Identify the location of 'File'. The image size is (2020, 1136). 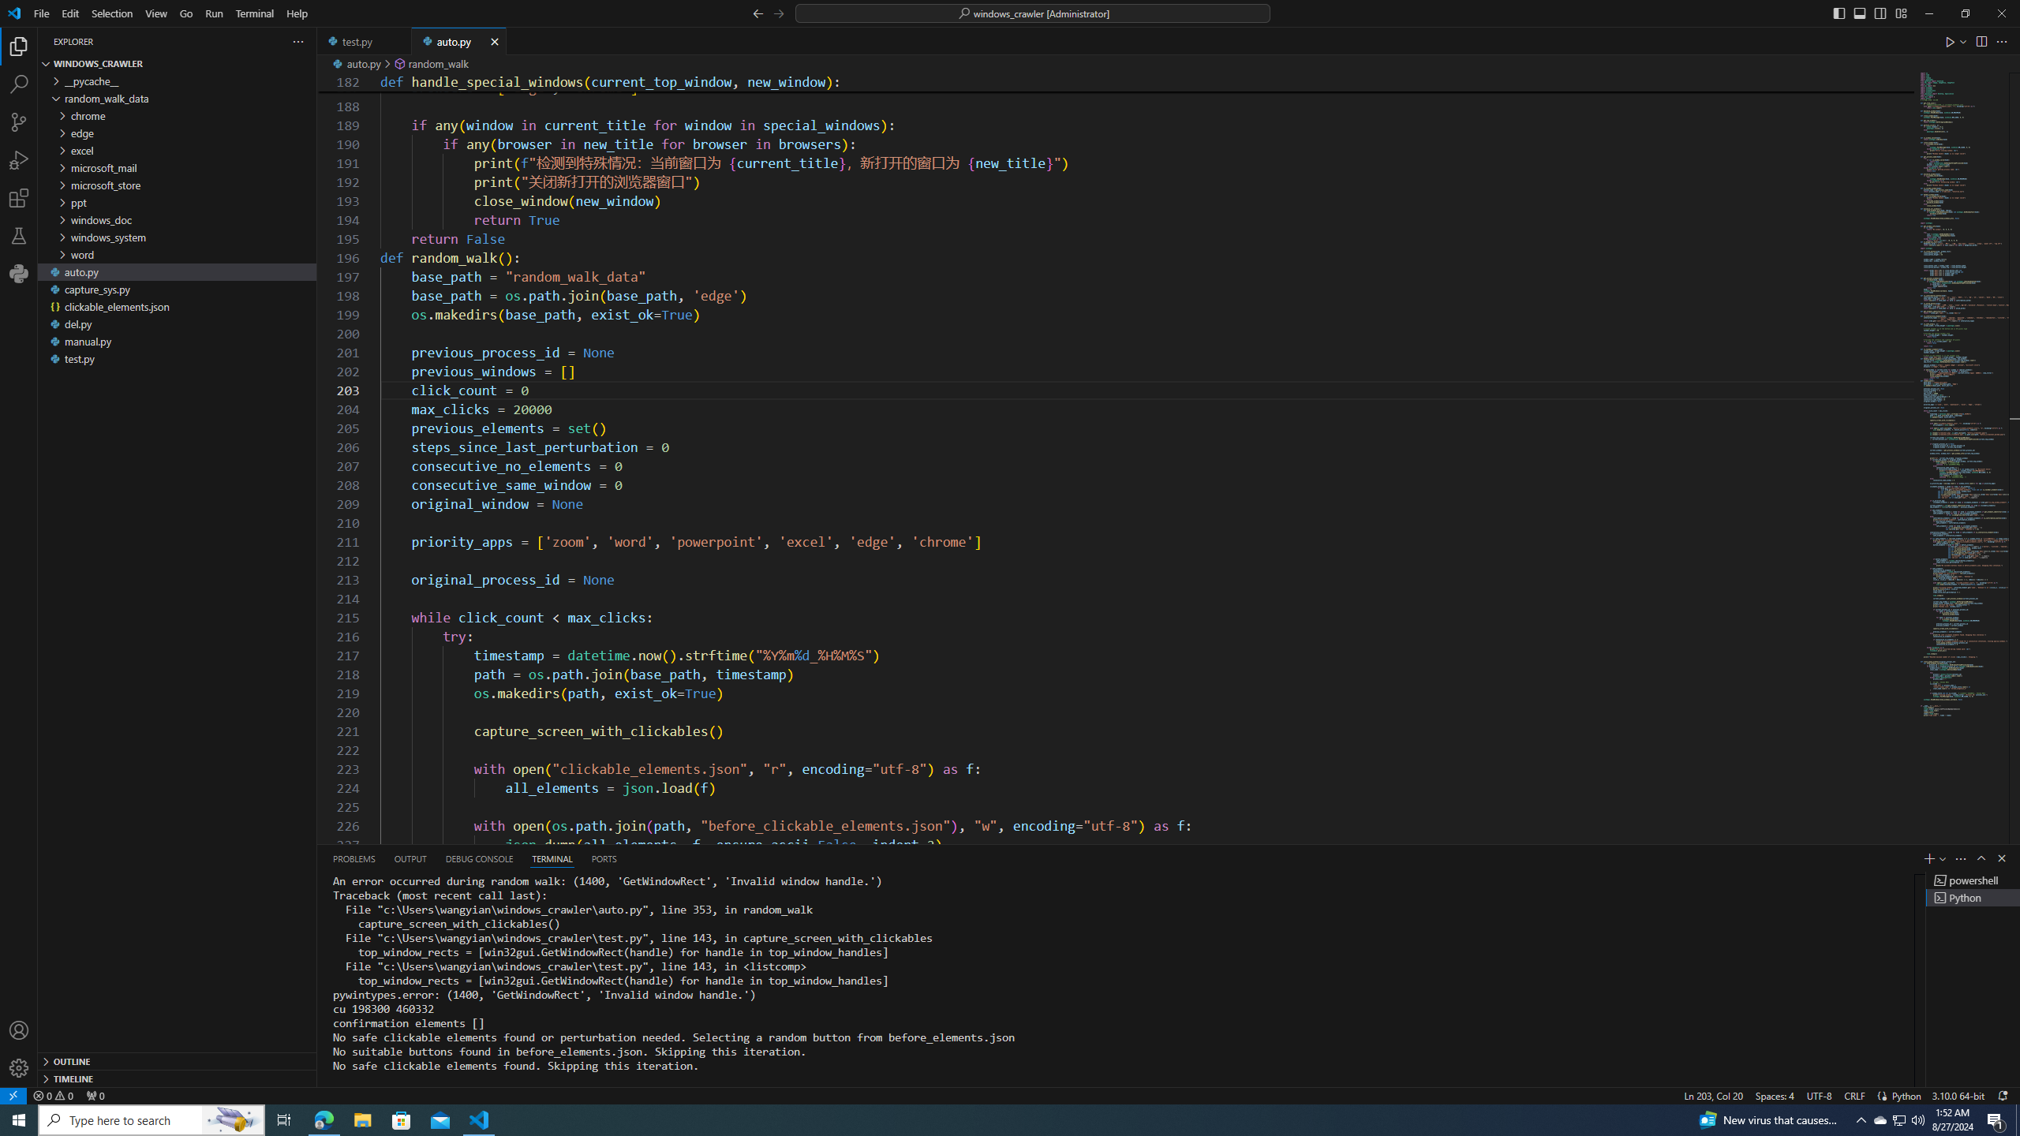
(41, 13).